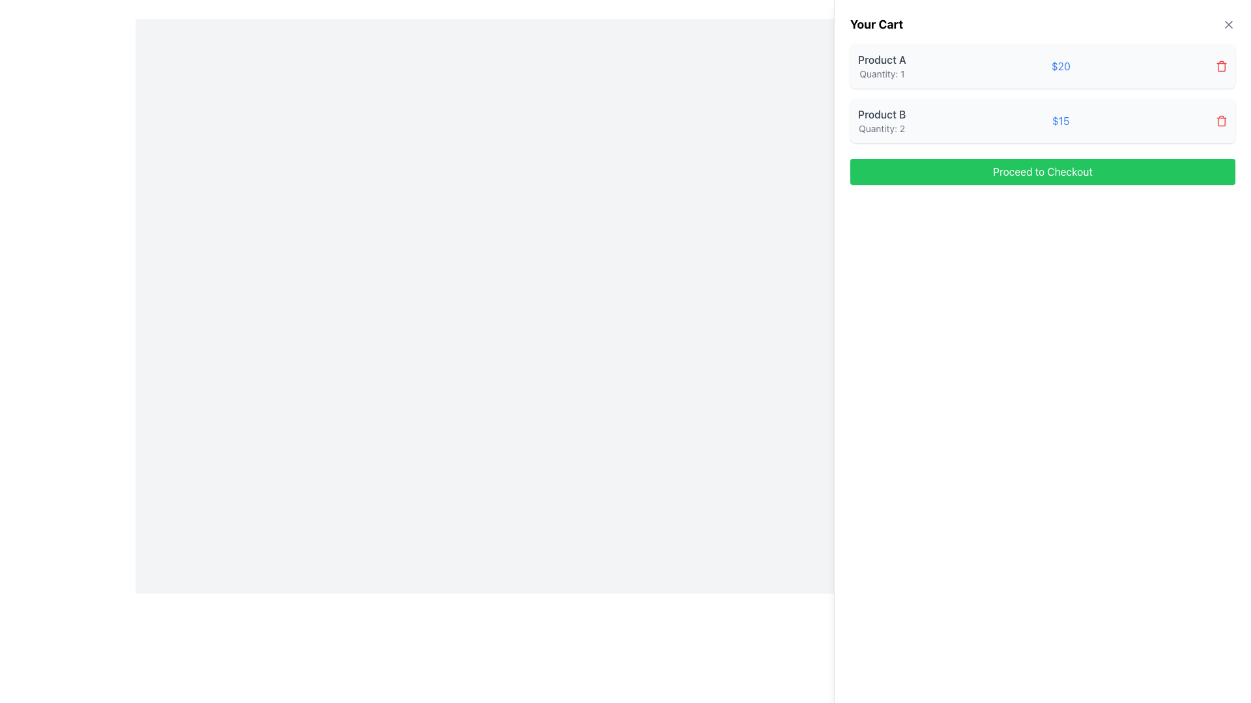 This screenshot has width=1251, height=703. What do you see at coordinates (882, 128) in the screenshot?
I see `the text label displaying 'Quantity: 2' that is located under 'Product B' in the cart listing section` at bounding box center [882, 128].